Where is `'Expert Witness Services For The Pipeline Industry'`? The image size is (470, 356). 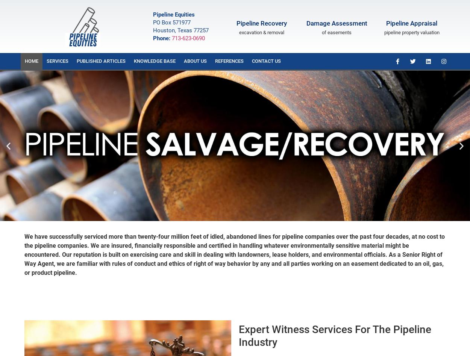 'Expert Witness Services For The Pipeline Industry' is located at coordinates (239, 335).